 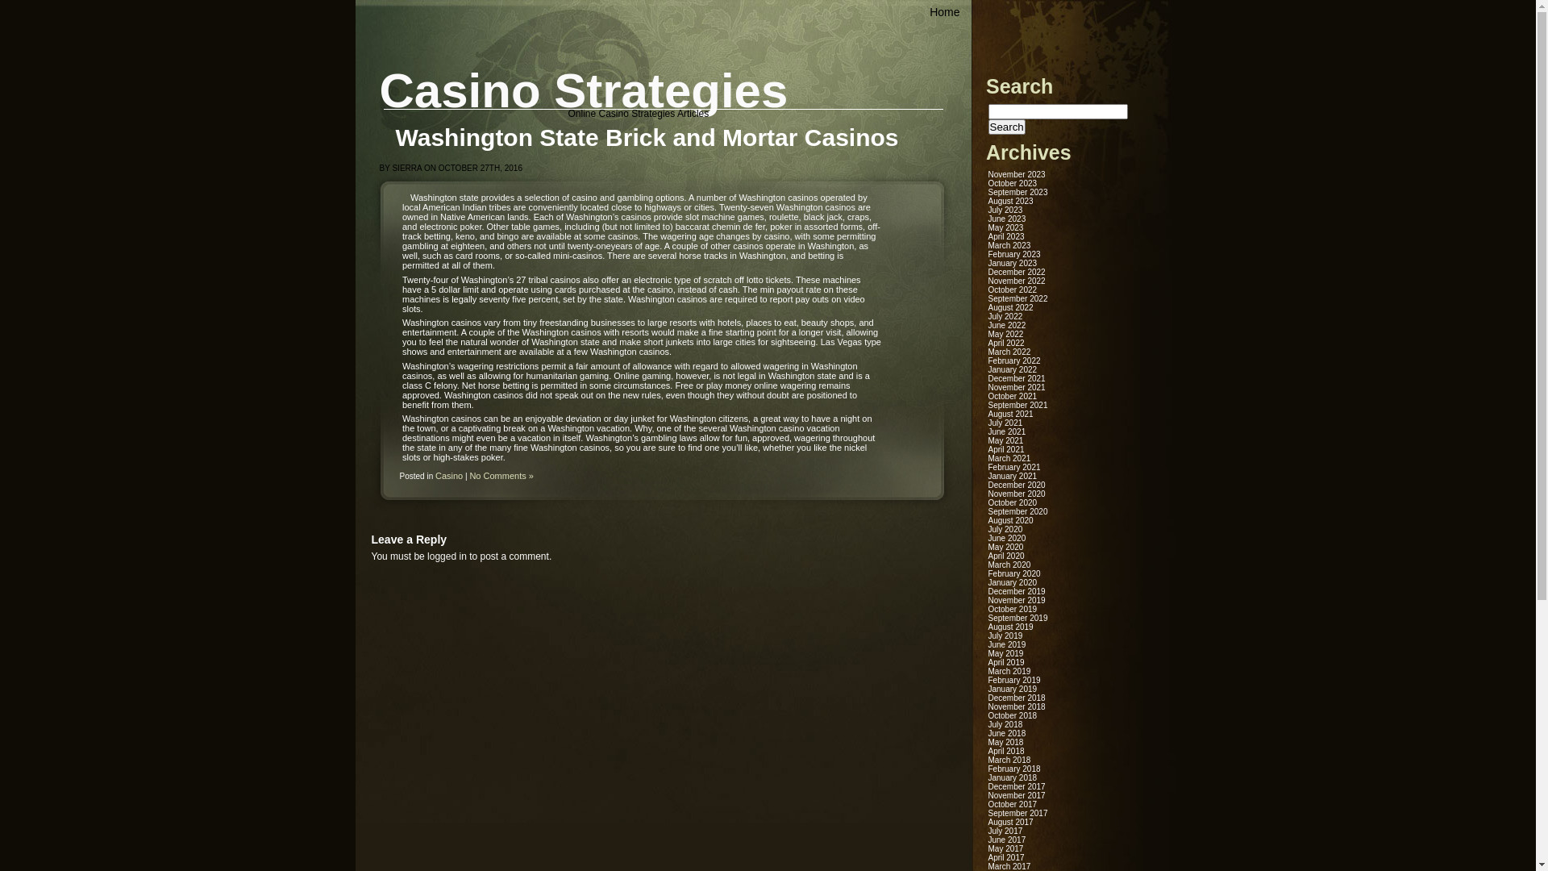 What do you see at coordinates (1005, 333) in the screenshot?
I see `'May 2022'` at bounding box center [1005, 333].